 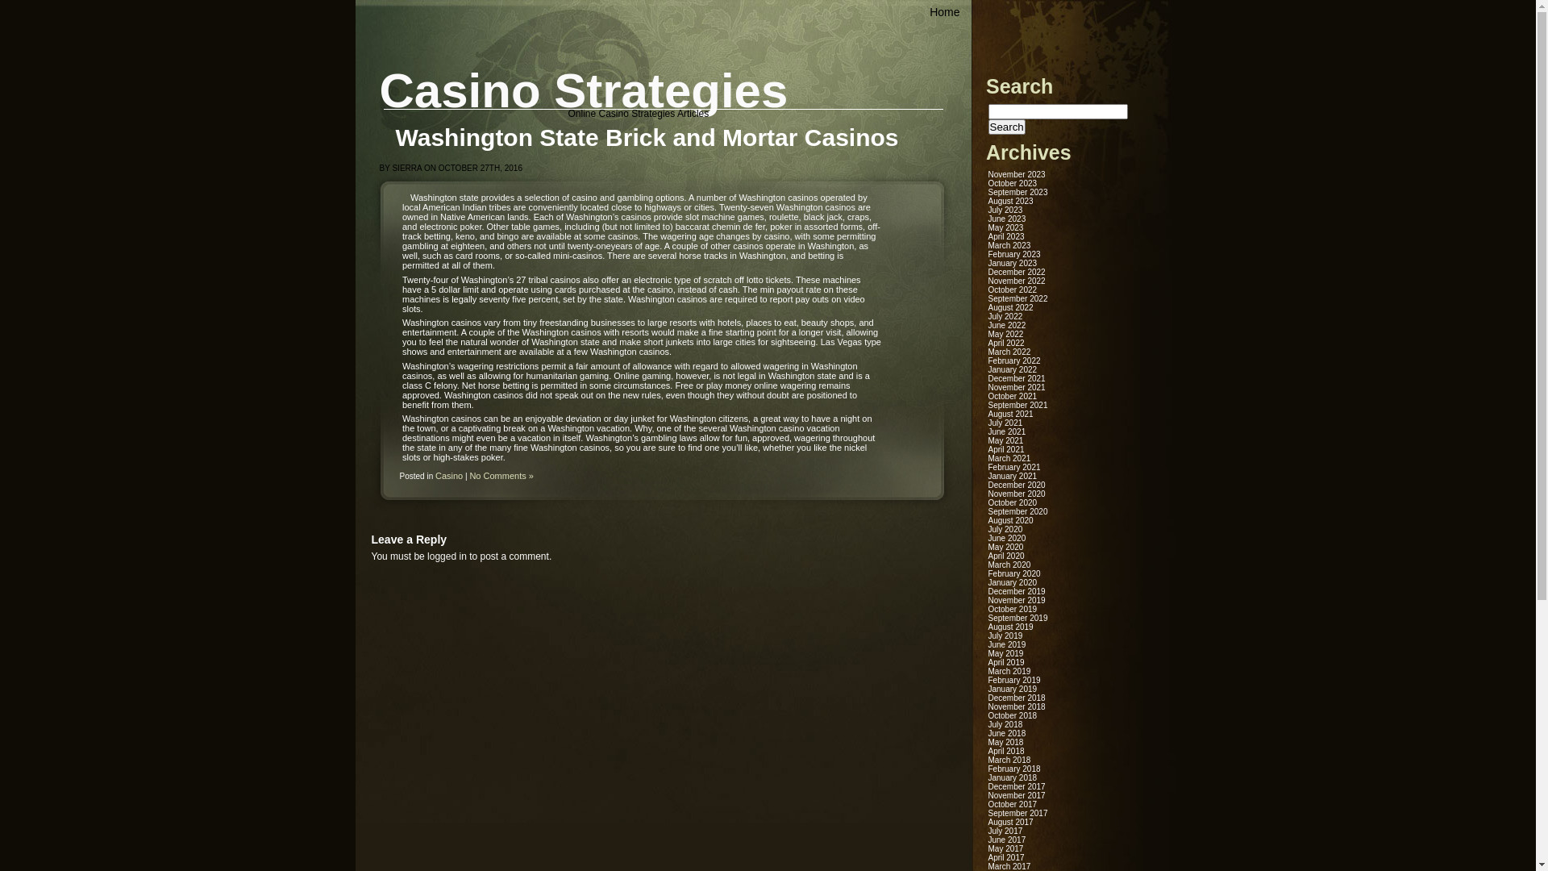 What do you see at coordinates (1005, 333) in the screenshot?
I see `'May 2022'` at bounding box center [1005, 333].